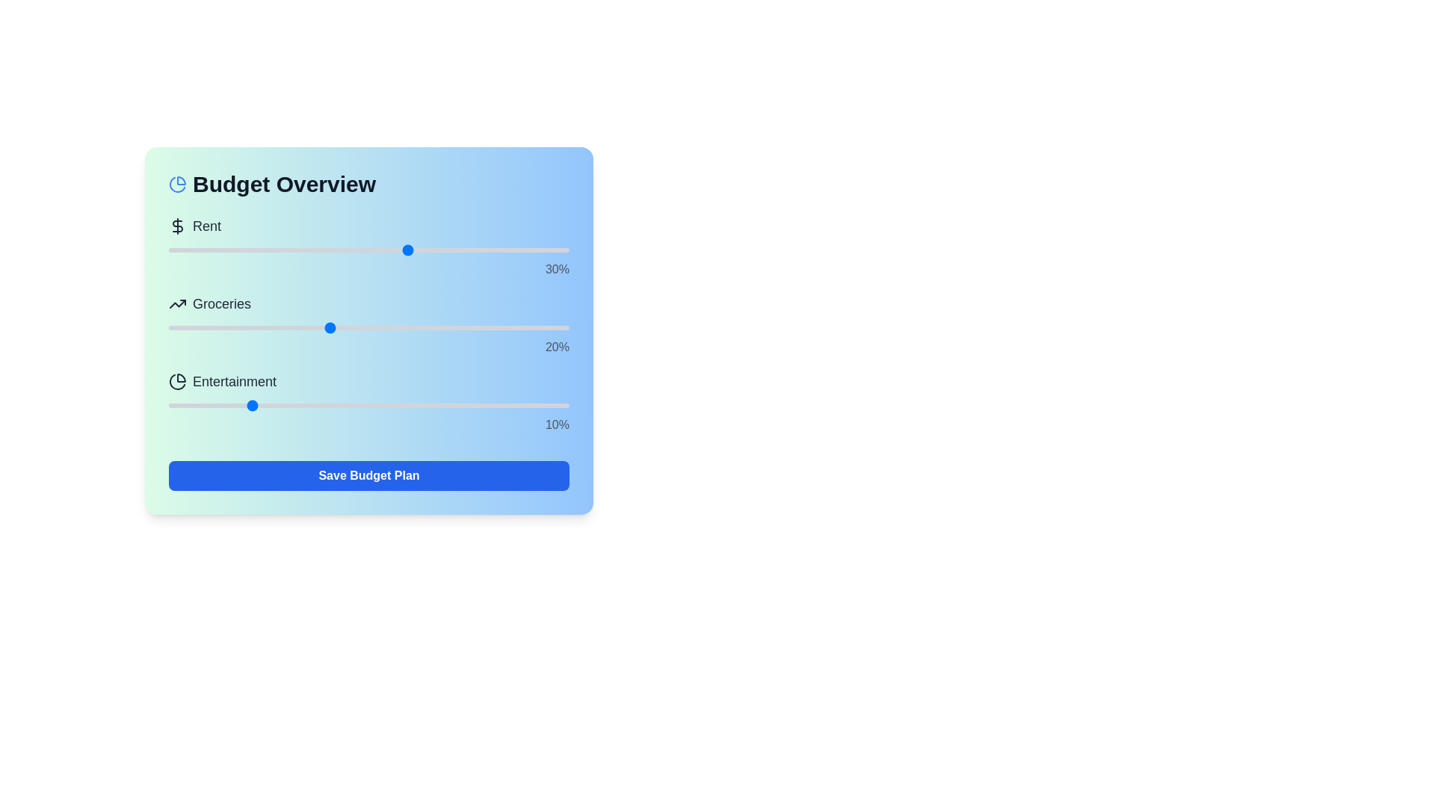 This screenshot has width=1435, height=807. I want to click on the top-right slice of the pie chart icon, which has a black stroke and no fill color, so click(181, 180).